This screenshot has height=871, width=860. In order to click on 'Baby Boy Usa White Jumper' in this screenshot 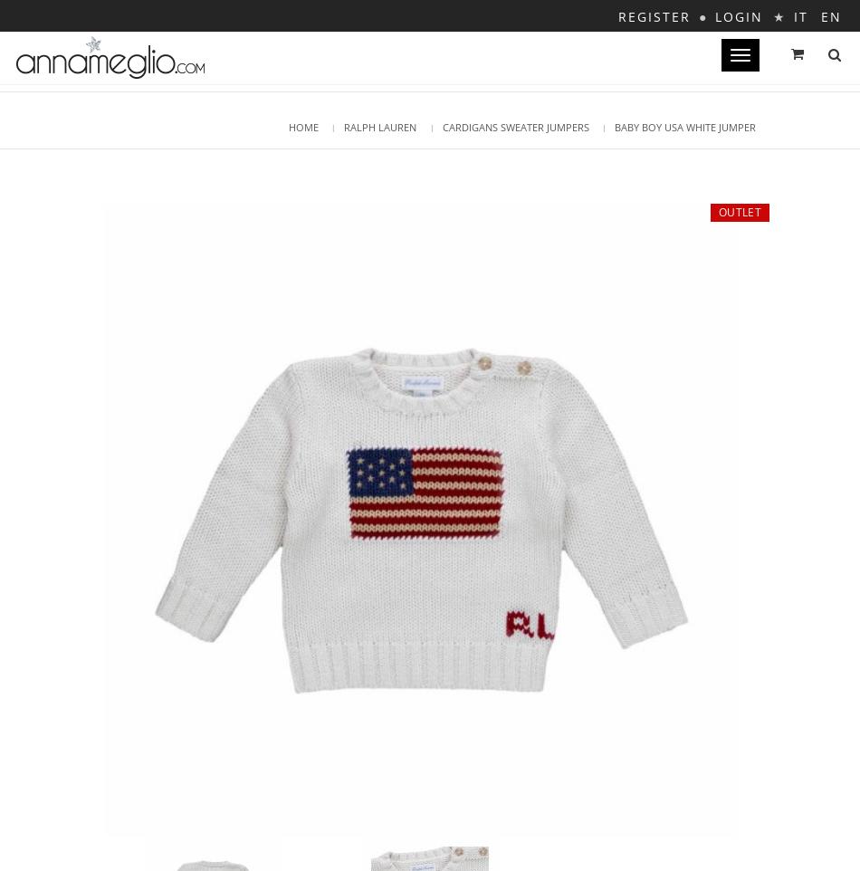, I will do `click(683, 126)`.